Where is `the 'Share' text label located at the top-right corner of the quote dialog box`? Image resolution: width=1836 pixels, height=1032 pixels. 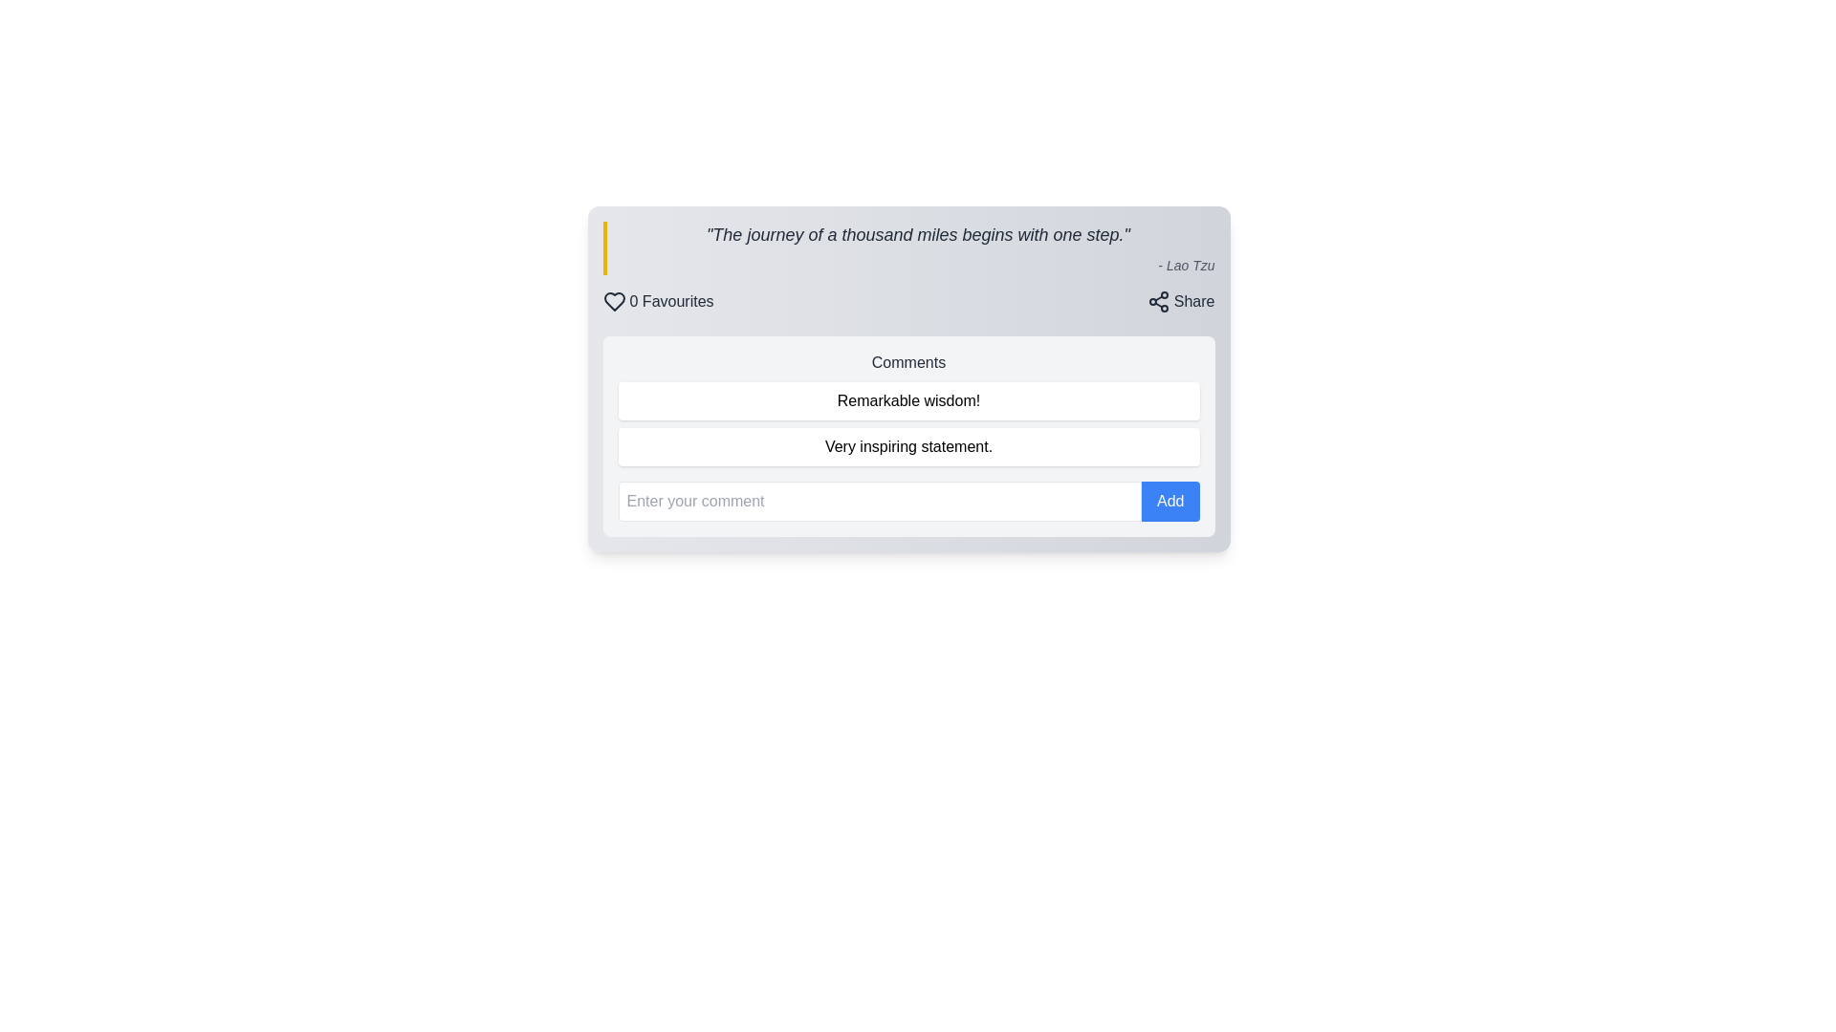 the 'Share' text label located at the top-right corner of the quote dialog box is located at coordinates (1193, 301).